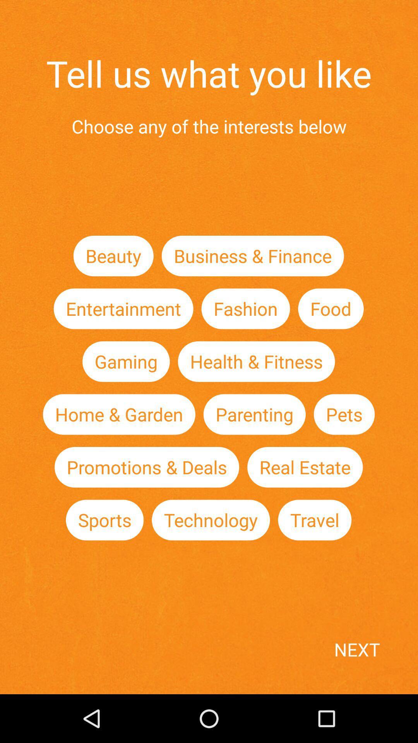  I want to click on the item to the right of the beauty icon, so click(253, 256).